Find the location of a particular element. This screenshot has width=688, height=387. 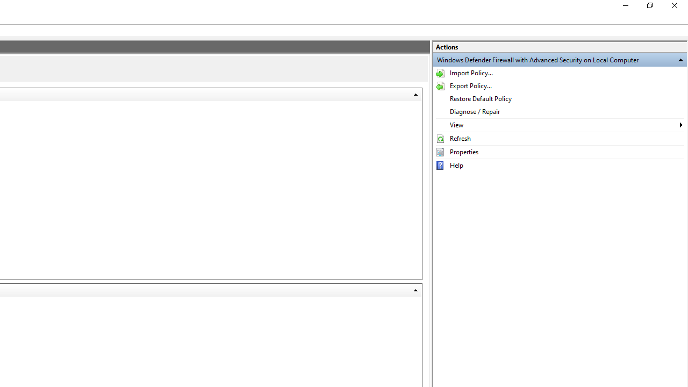

'View' is located at coordinates (559, 124).